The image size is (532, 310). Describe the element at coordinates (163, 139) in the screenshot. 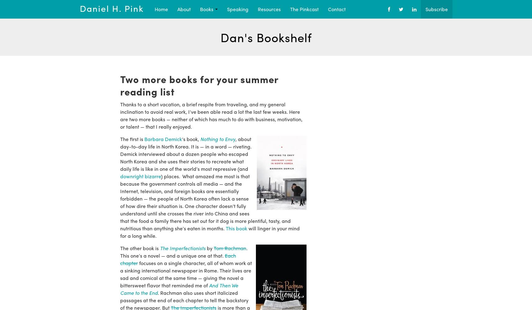

I see `'Barbara Demick'` at that location.